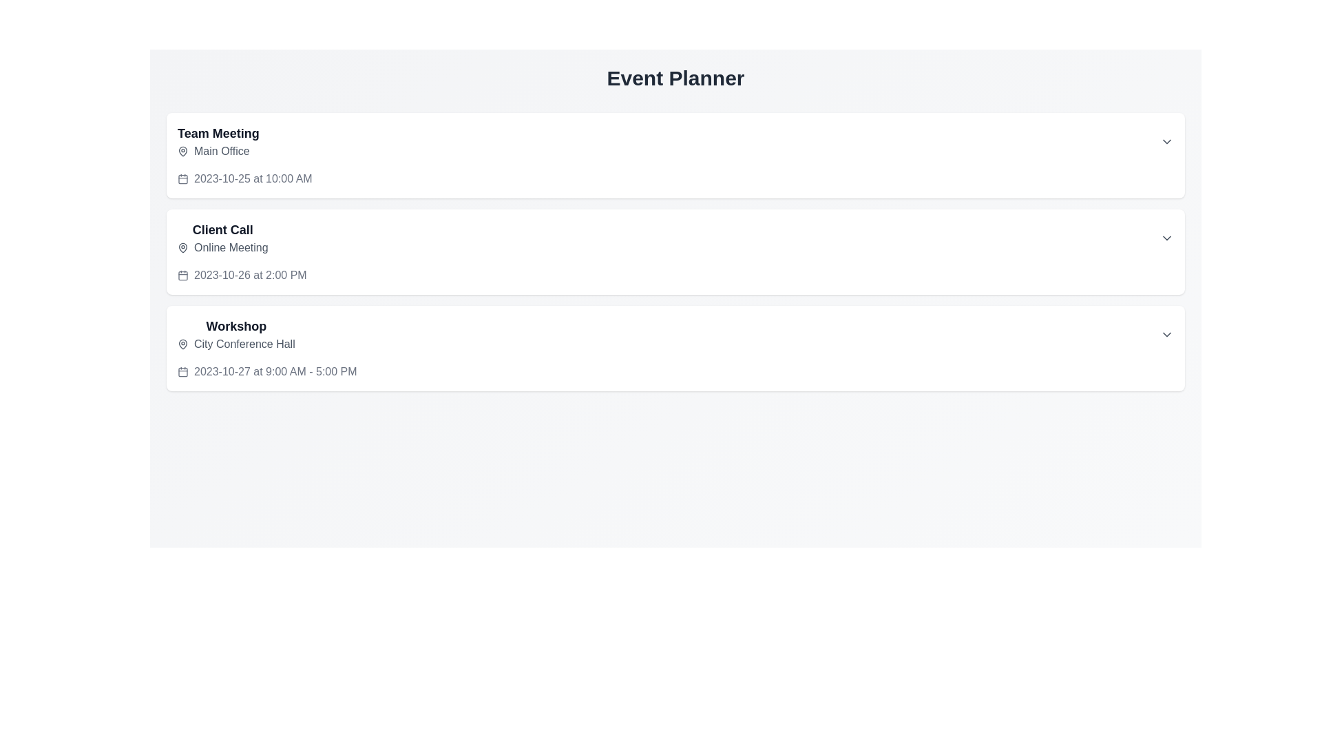 This screenshot has width=1322, height=744. I want to click on the Dropdown toggle icon, so click(1166, 335).